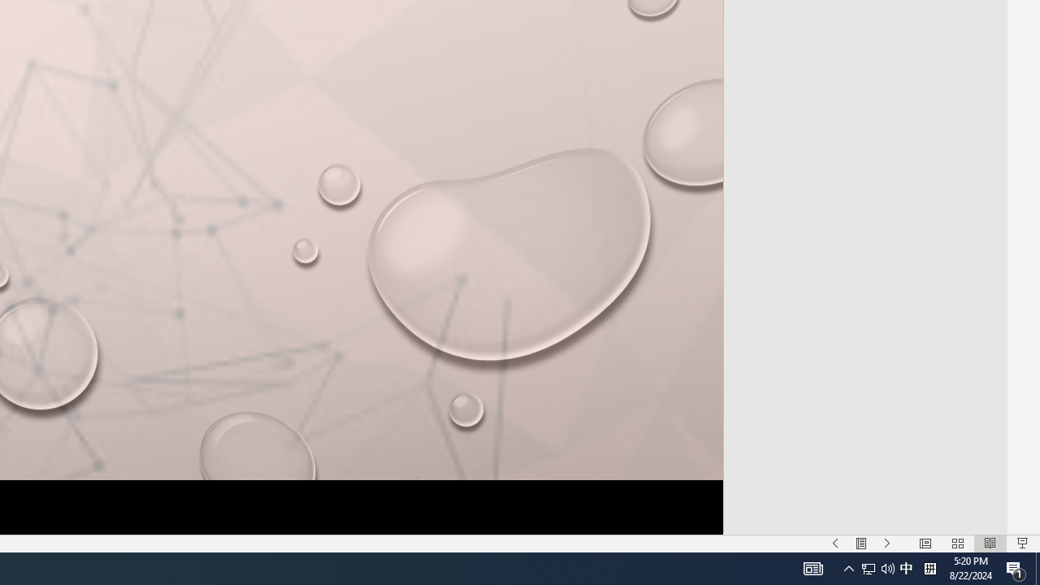 Image resolution: width=1040 pixels, height=585 pixels. Describe the element at coordinates (1021, 544) in the screenshot. I see `'Slide Show'` at that location.